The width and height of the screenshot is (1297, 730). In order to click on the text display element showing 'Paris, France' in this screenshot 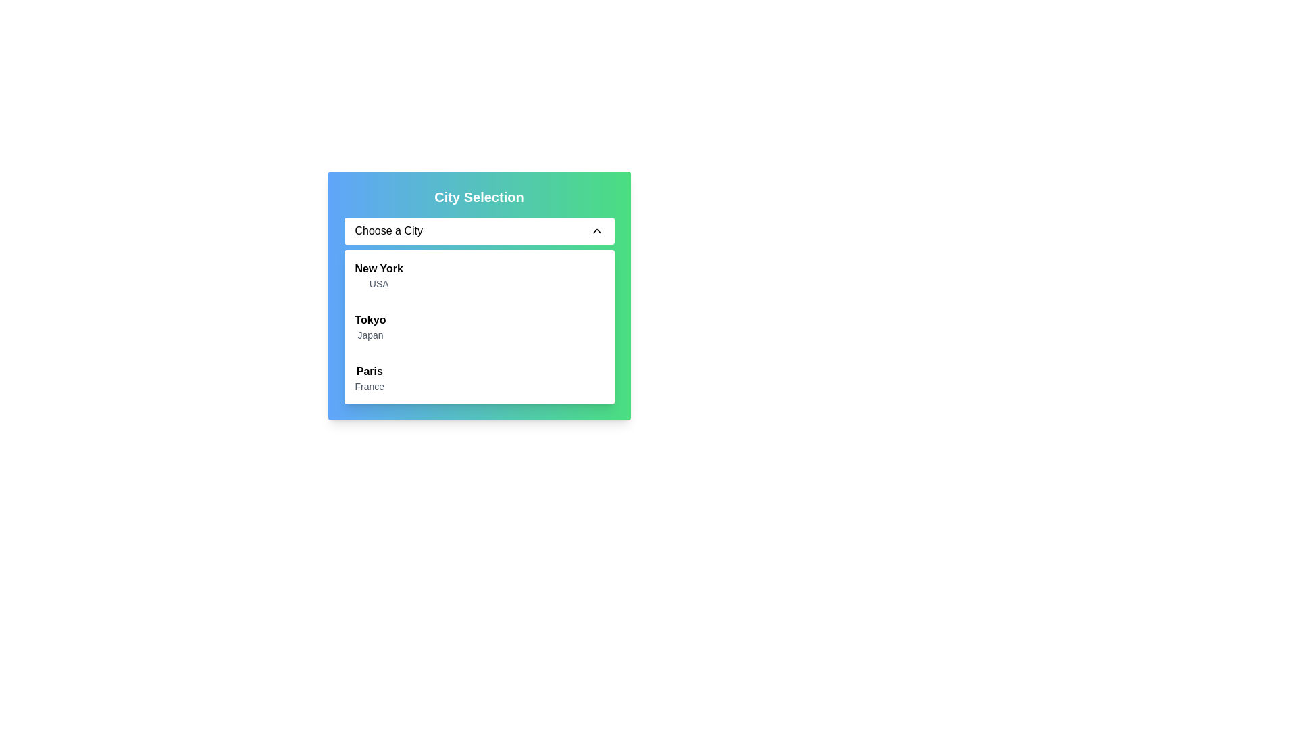, I will do `click(370, 378)`.